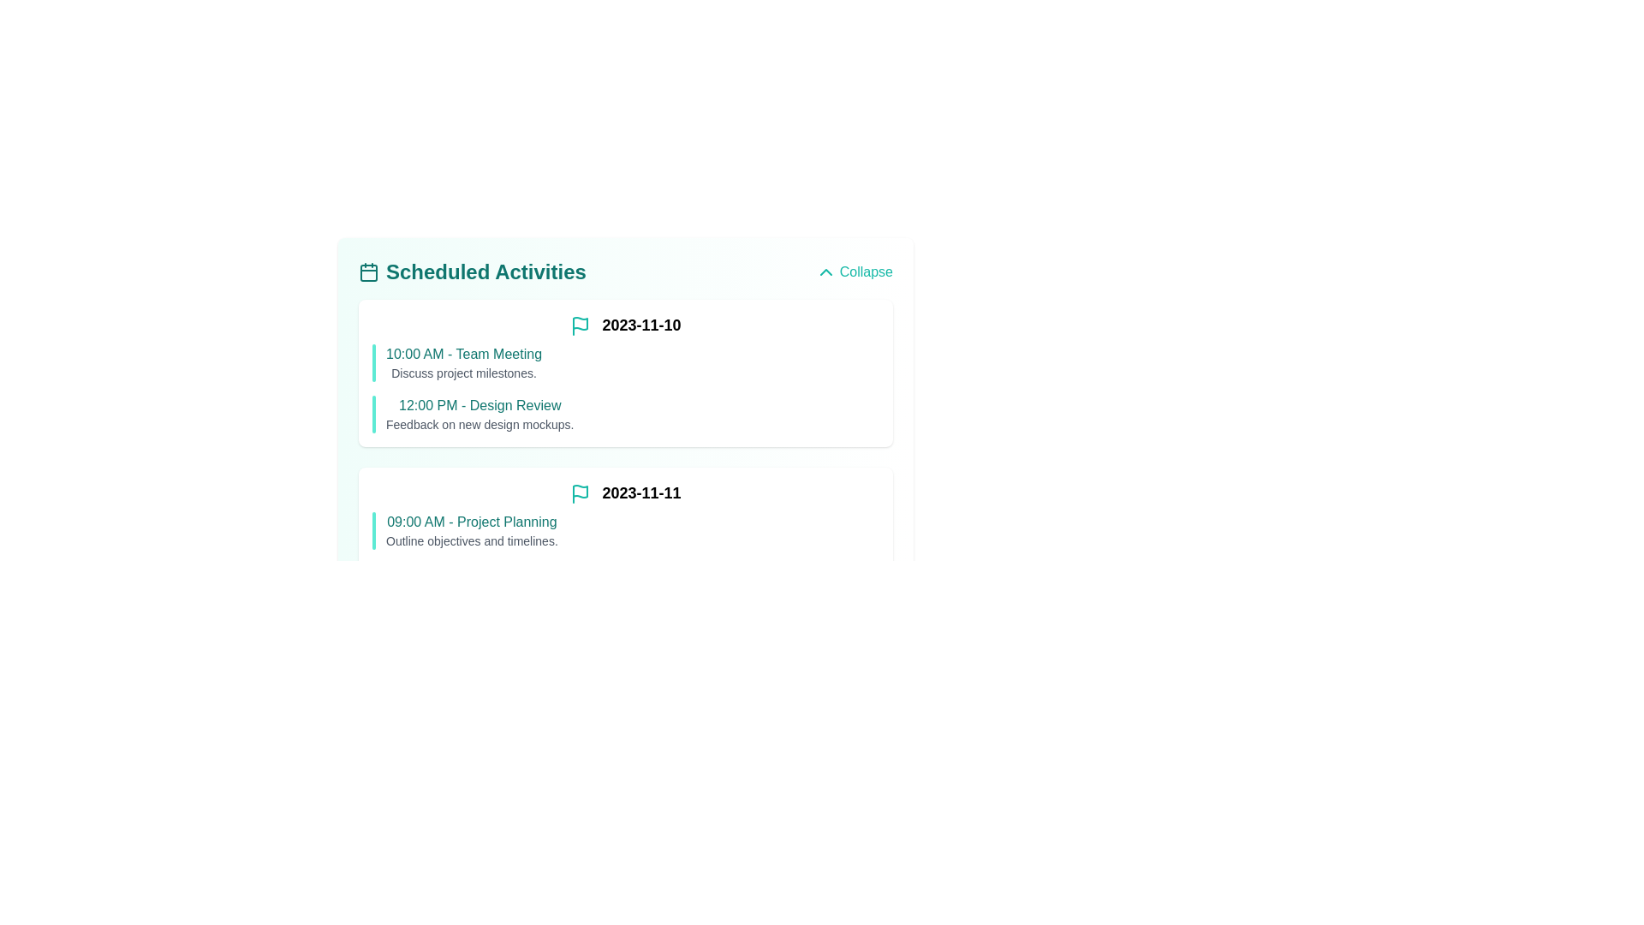 This screenshot has height=925, width=1644. Describe the element at coordinates (854, 271) in the screenshot. I see `the collapsible trigger button labeled 'Collapse' in teal color located at the top-right corner of the Scheduled Activities section` at that location.